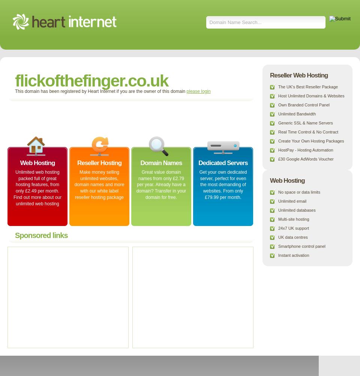 This screenshot has width=360, height=376. Describe the element at coordinates (293, 228) in the screenshot. I see `'24x7 UK support'` at that location.